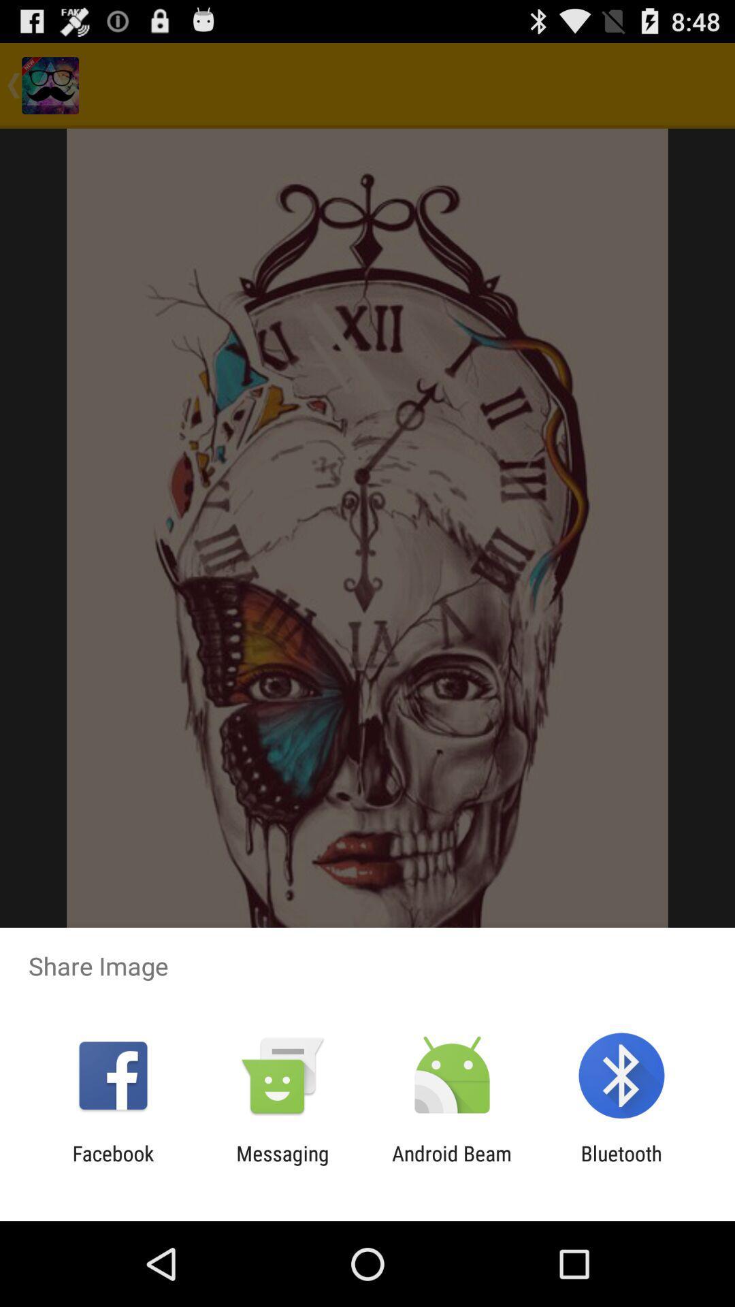 This screenshot has height=1307, width=735. Describe the element at coordinates (452, 1165) in the screenshot. I see `the android beam icon` at that location.